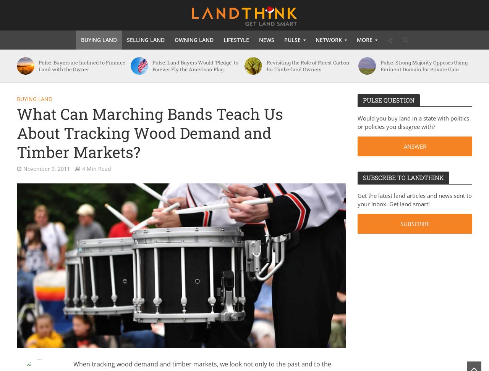 Image resolution: width=489 pixels, height=371 pixels. I want to click on 'SUBSCRIBE', so click(414, 224).